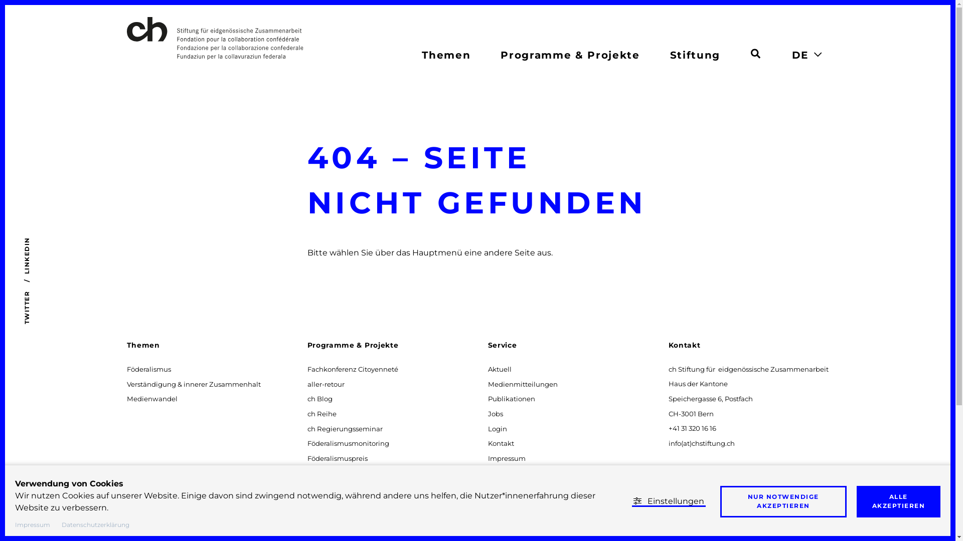  What do you see at coordinates (799, 55) in the screenshot?
I see `'DE'` at bounding box center [799, 55].